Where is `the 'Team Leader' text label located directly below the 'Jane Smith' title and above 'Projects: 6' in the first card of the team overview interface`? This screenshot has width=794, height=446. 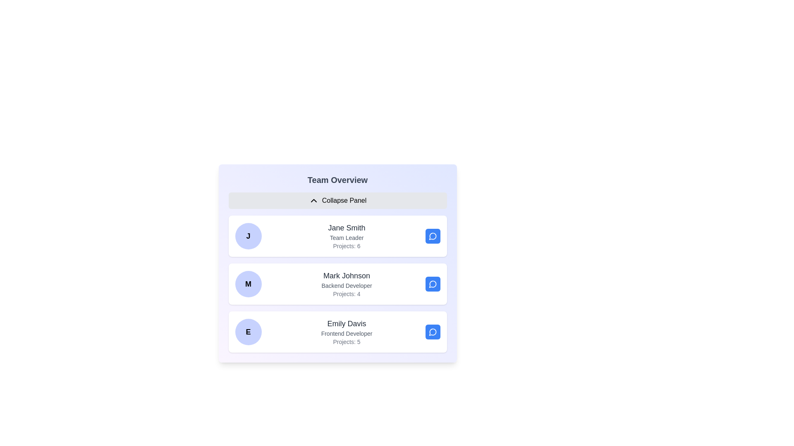
the 'Team Leader' text label located directly below the 'Jane Smith' title and above 'Projects: 6' in the first card of the team overview interface is located at coordinates (347, 237).